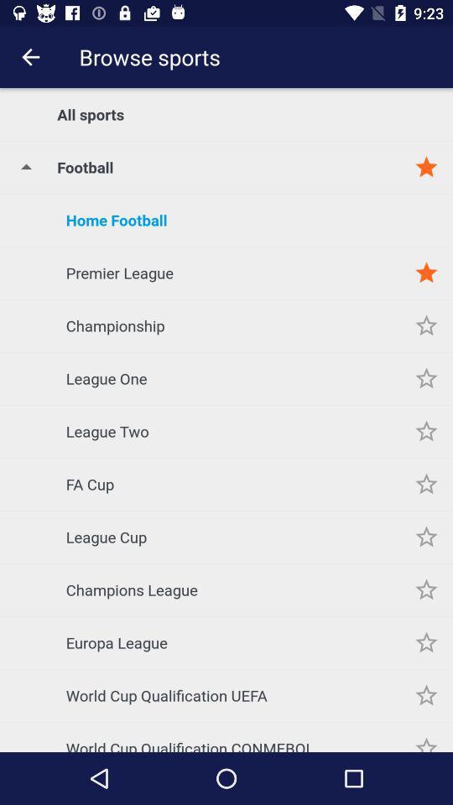 The width and height of the screenshot is (453, 805). What do you see at coordinates (426, 430) in the screenshot?
I see `league` at bounding box center [426, 430].